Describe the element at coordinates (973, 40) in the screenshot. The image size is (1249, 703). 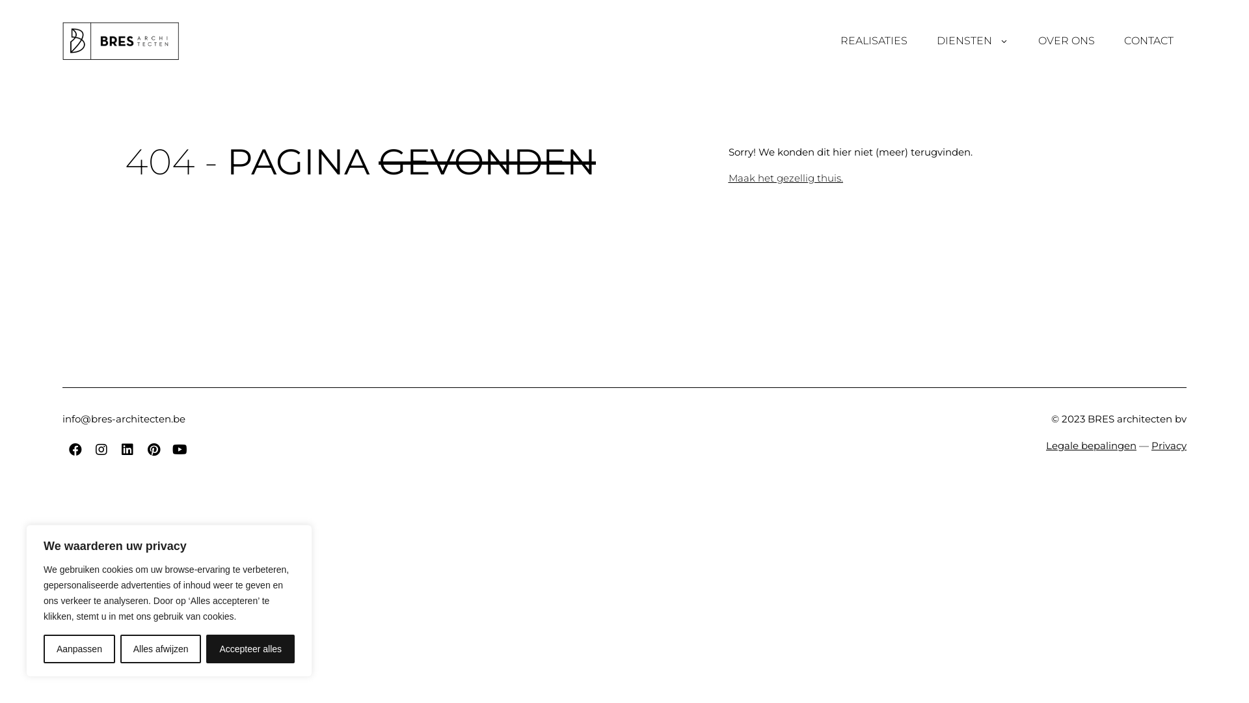
I see `'DIENSTEN'` at that location.